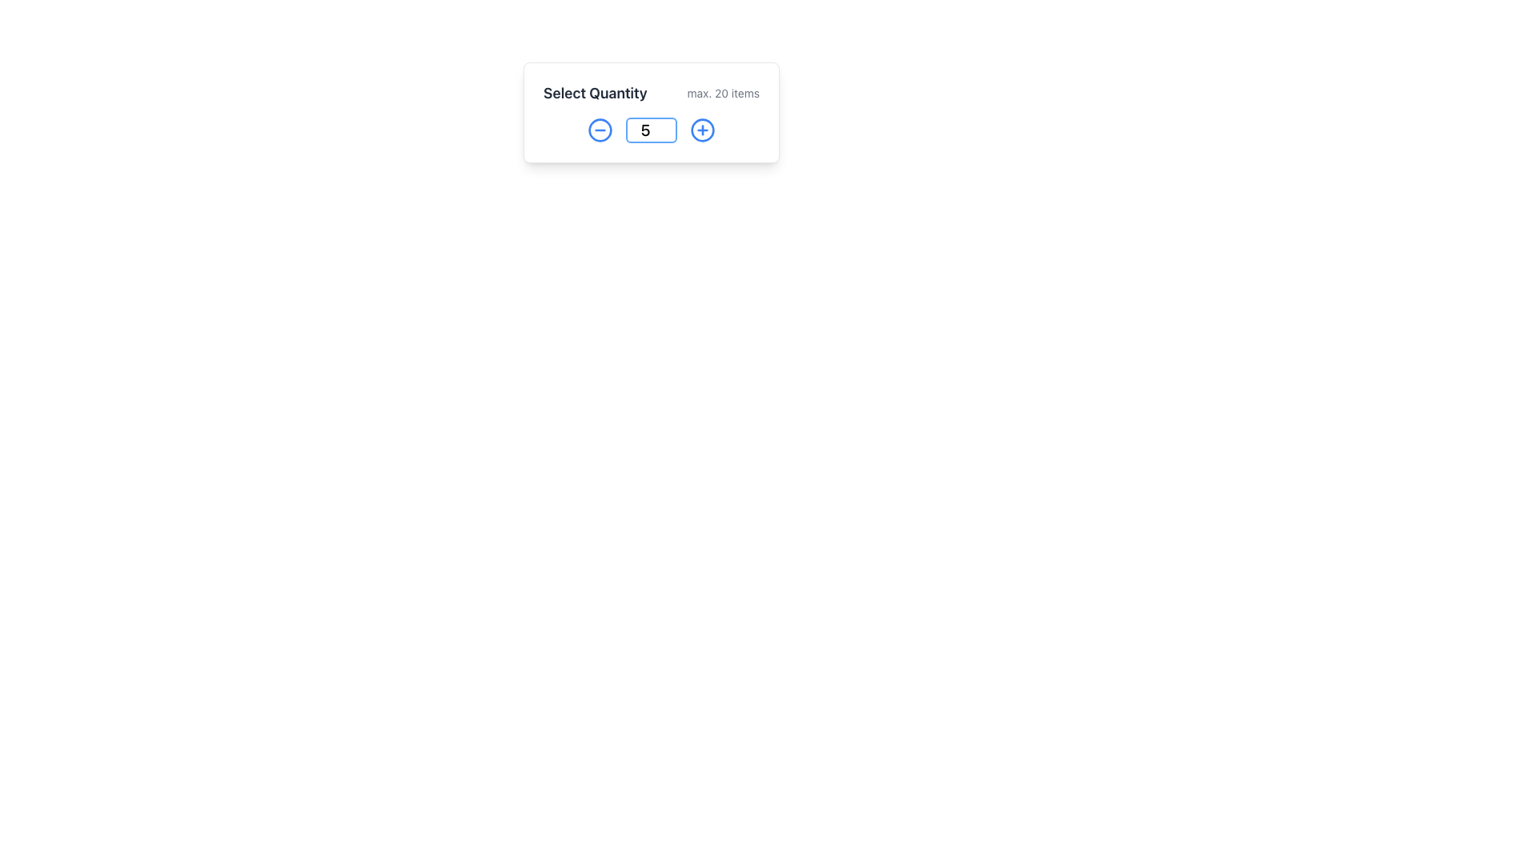 The width and height of the screenshot is (1537, 864). What do you see at coordinates (599, 129) in the screenshot?
I see `the circular blue outlined button with a minus symbol to activate its hover effects` at bounding box center [599, 129].